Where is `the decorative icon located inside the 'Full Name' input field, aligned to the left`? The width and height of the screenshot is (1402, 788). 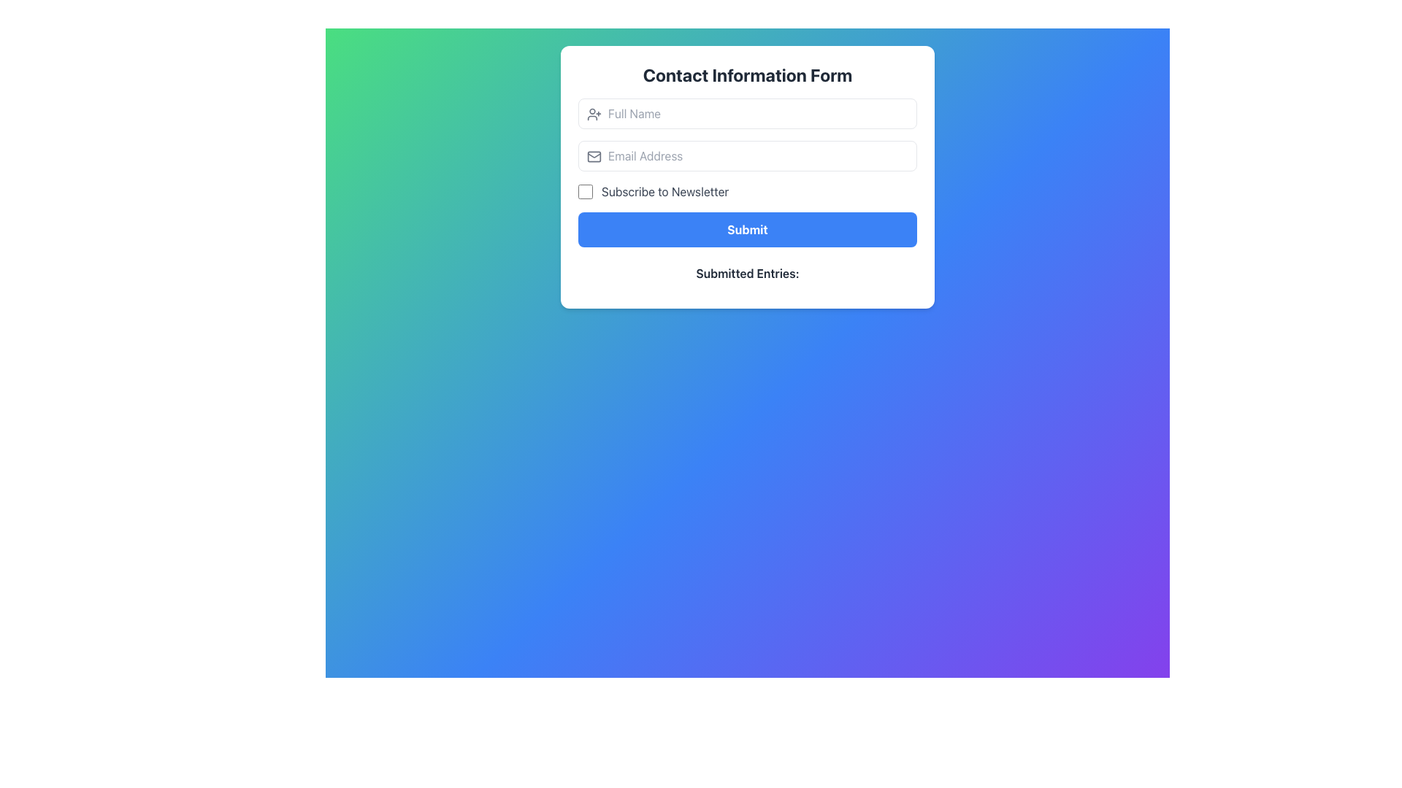
the decorative icon located inside the 'Full Name' input field, aligned to the left is located at coordinates (594, 114).